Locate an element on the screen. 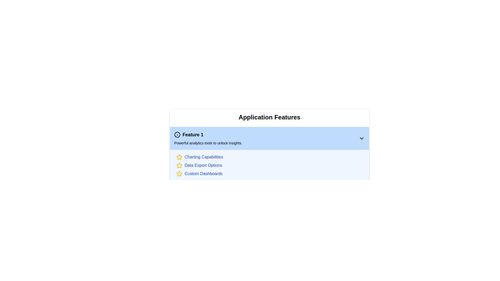  the Text label element located under the heading 'Feature 1', which contains the text 'Powerful analytics tools to unlock insights.' is located at coordinates (208, 143).